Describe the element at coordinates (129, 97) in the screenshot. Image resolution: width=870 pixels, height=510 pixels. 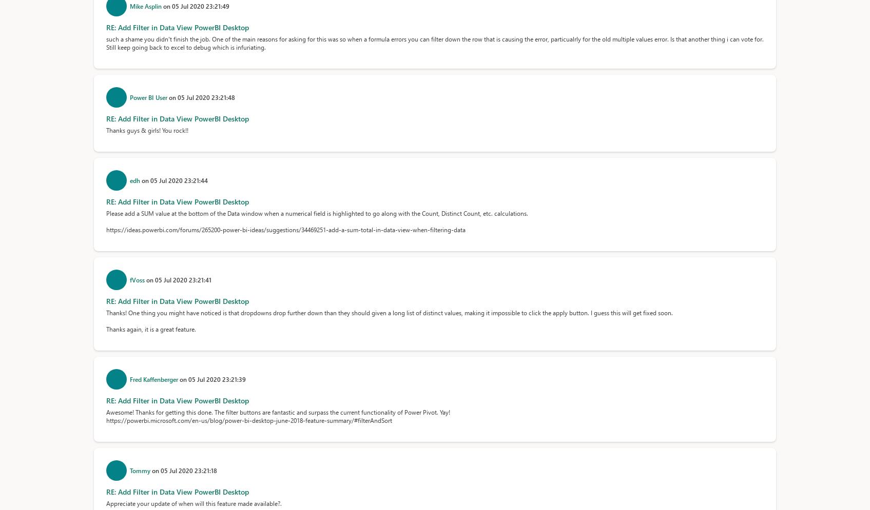
I see `'Power BI User'` at that location.